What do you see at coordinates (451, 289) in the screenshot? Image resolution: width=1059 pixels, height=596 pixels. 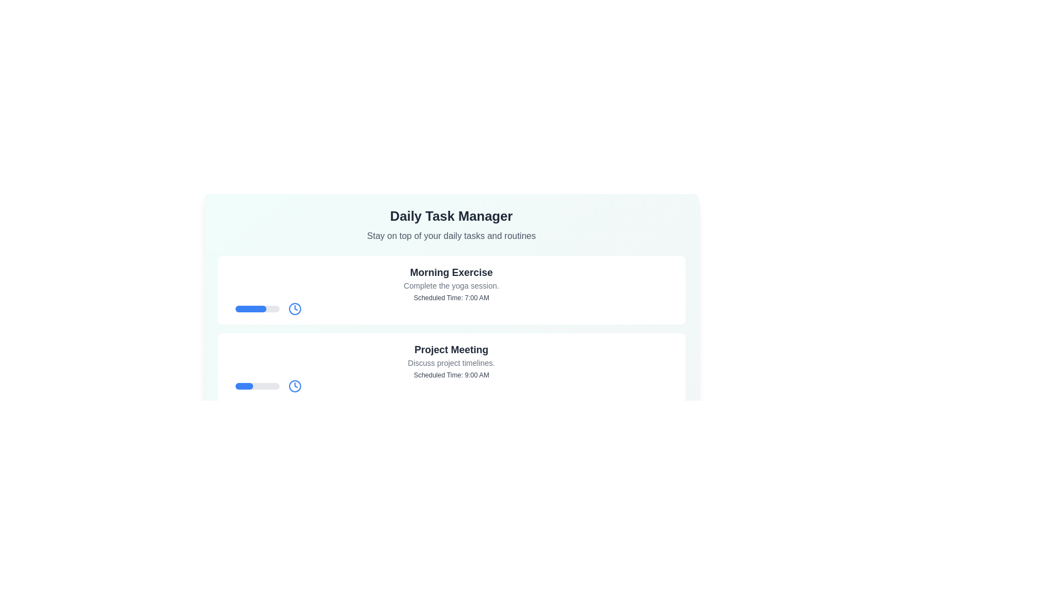 I see `the first task card in the Daily Task Manager to plan the task details` at bounding box center [451, 289].